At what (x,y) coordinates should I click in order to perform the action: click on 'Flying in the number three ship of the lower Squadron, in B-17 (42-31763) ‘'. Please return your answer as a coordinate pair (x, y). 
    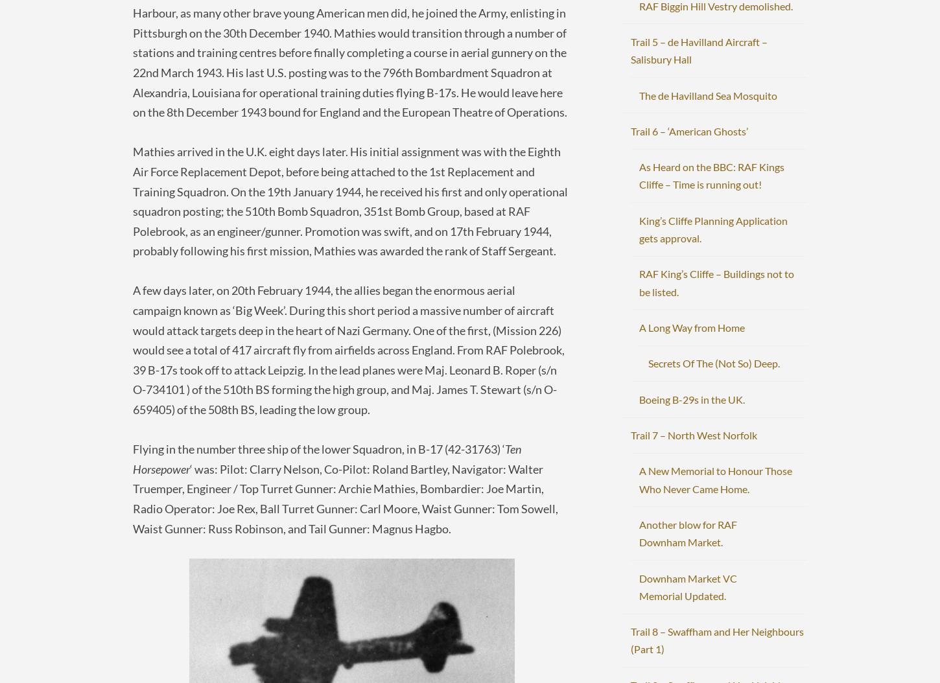
    Looking at the image, I should click on (318, 448).